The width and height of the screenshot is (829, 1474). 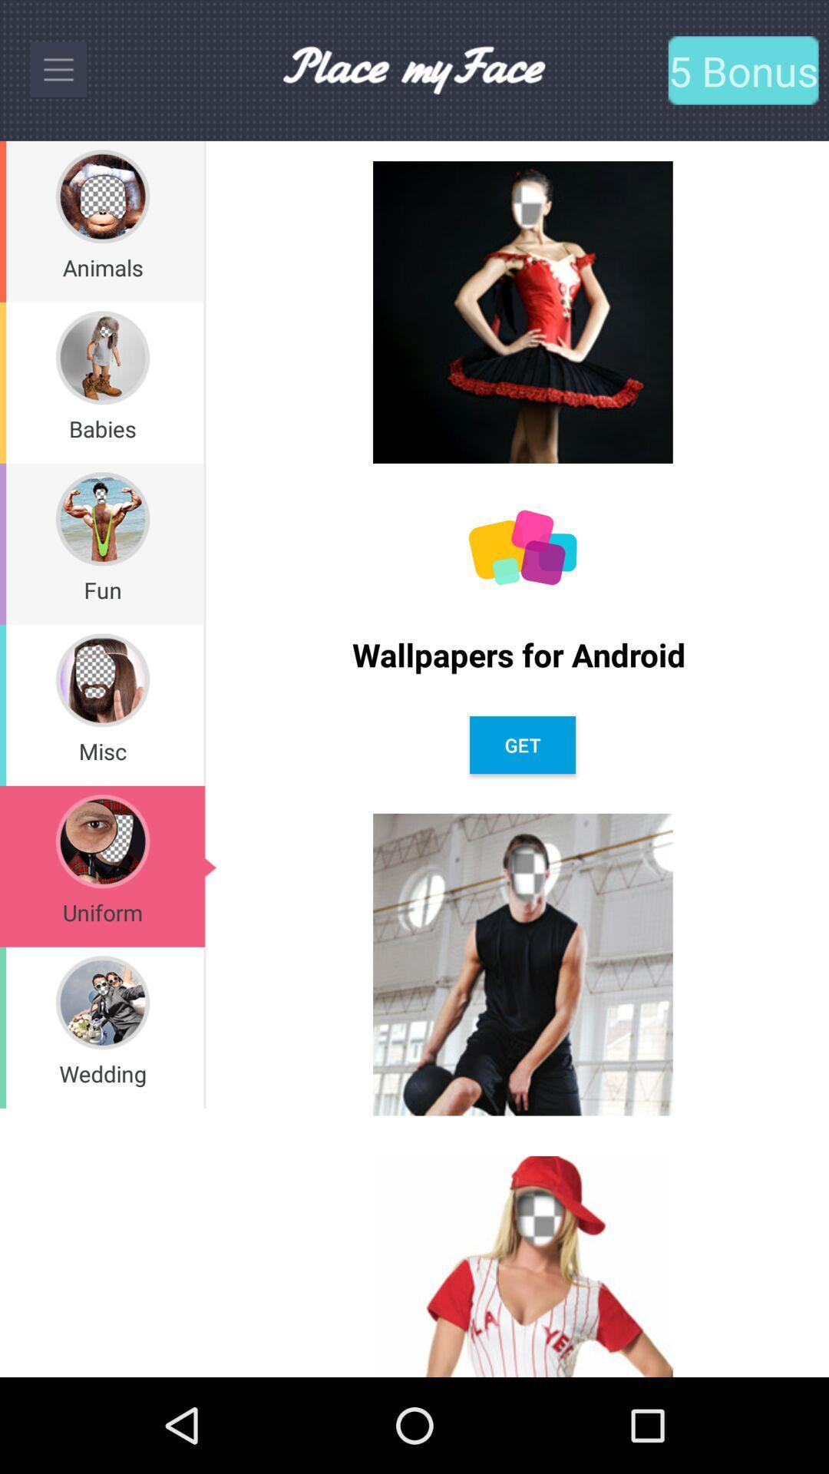 What do you see at coordinates (102, 751) in the screenshot?
I see `the misc` at bounding box center [102, 751].